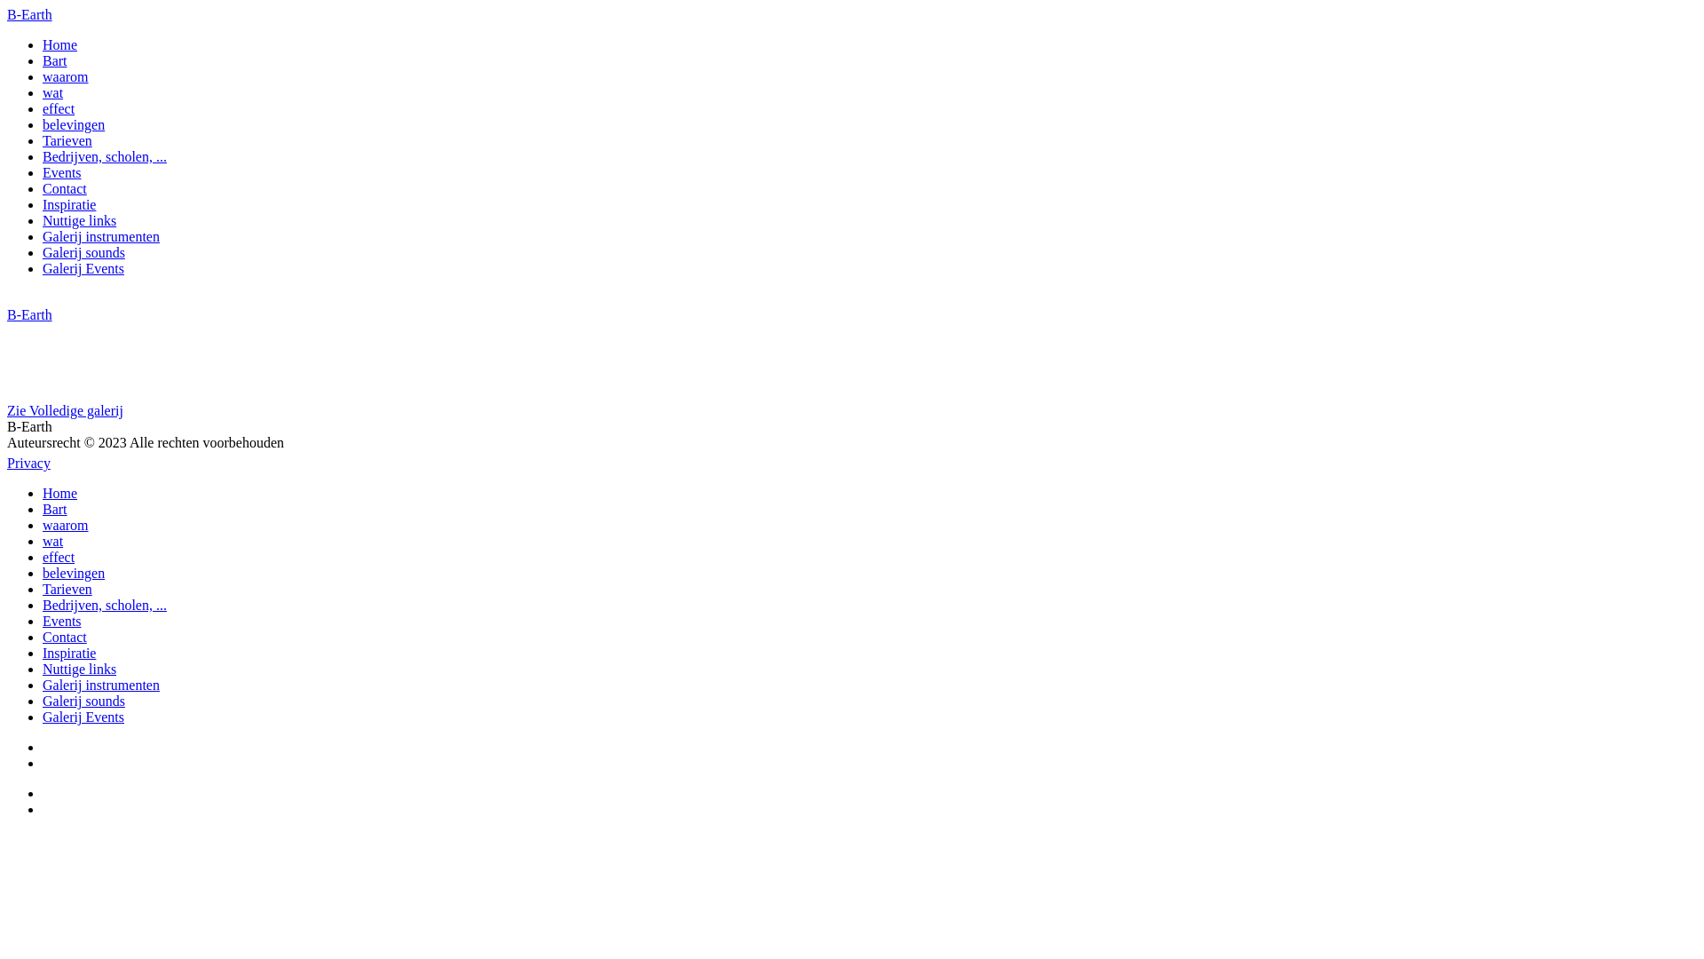 This screenshot has width=1704, height=959. Describe the element at coordinates (65, 524) in the screenshot. I see `'waarom'` at that location.